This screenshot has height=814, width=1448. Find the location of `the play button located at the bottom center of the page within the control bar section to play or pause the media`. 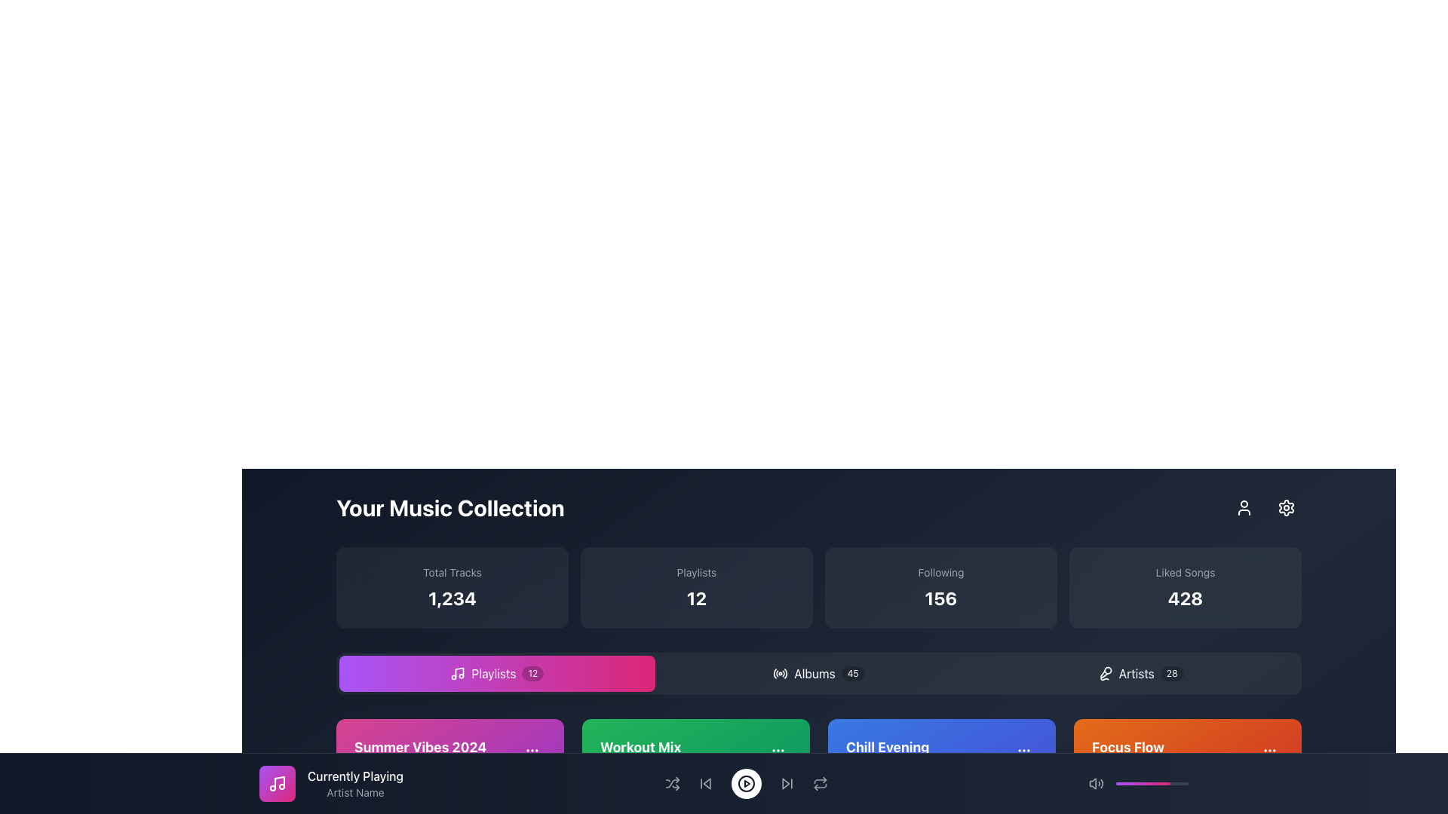

the play button located at the bottom center of the page within the control bar section to play or pause the media is located at coordinates (746, 783).